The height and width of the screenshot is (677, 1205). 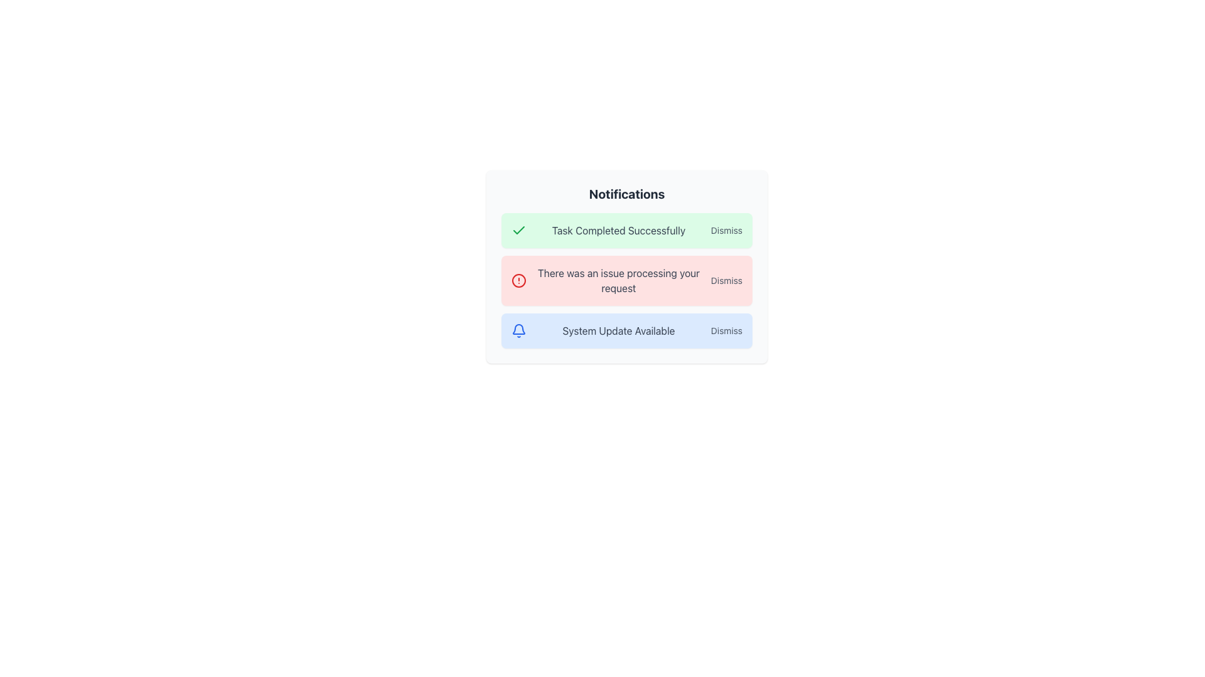 What do you see at coordinates (518, 230) in the screenshot?
I see `the success icon located at the leftmost part of the notification bar indicating 'Task Completed Successfully'` at bounding box center [518, 230].